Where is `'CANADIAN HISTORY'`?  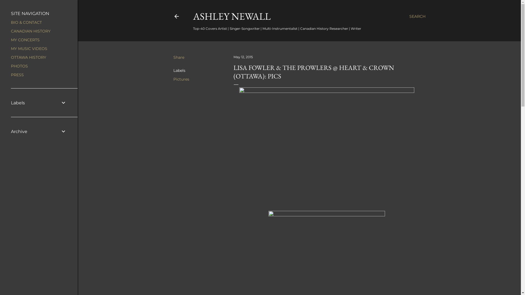 'CANADIAN HISTORY' is located at coordinates (30, 31).